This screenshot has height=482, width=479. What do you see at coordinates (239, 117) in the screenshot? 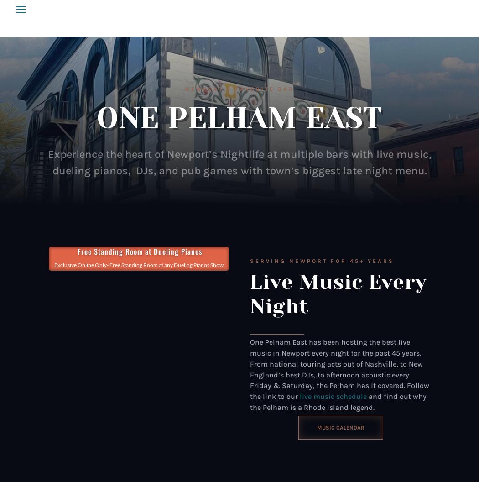
I see `'ONE PELHAM EAST'` at bounding box center [239, 117].